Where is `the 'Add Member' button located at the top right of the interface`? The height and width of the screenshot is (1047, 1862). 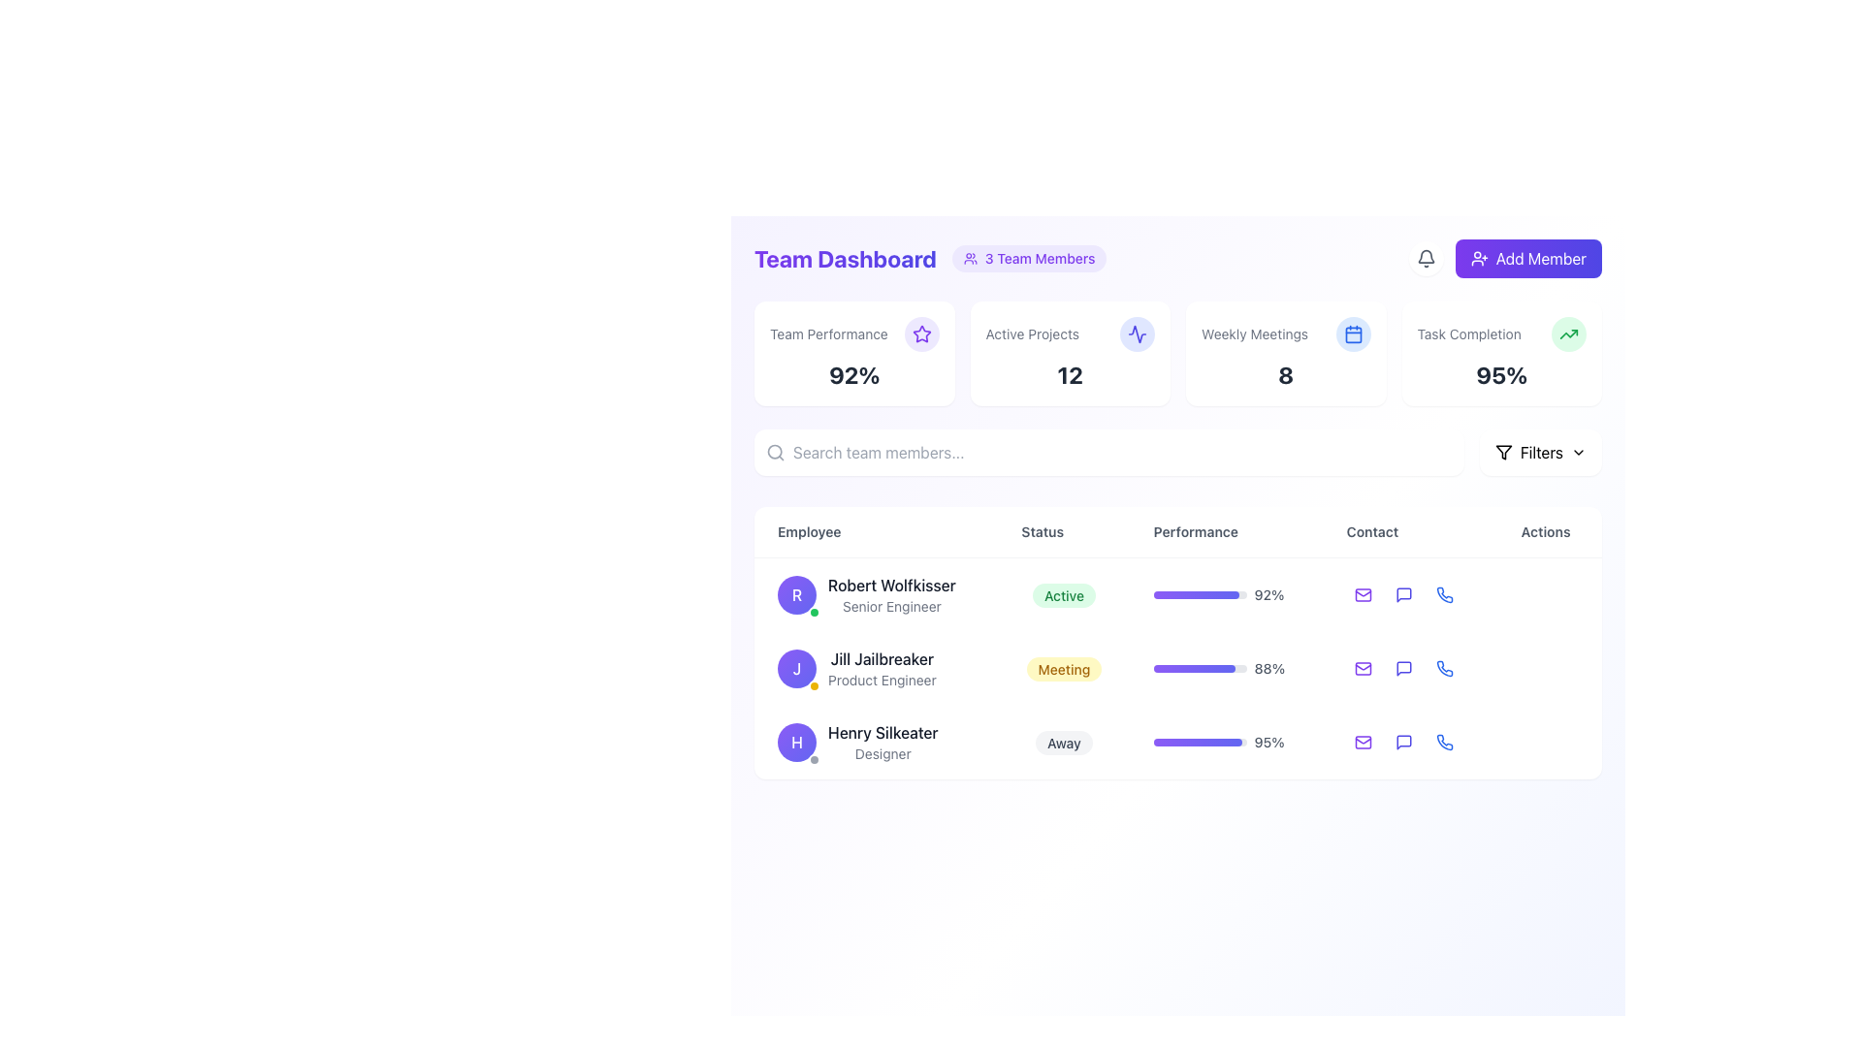 the 'Add Member' button located at the top right of the interface is located at coordinates (1504, 257).